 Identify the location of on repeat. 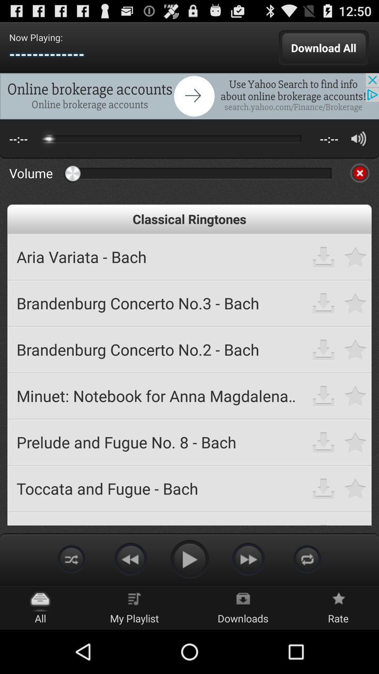
(307, 559).